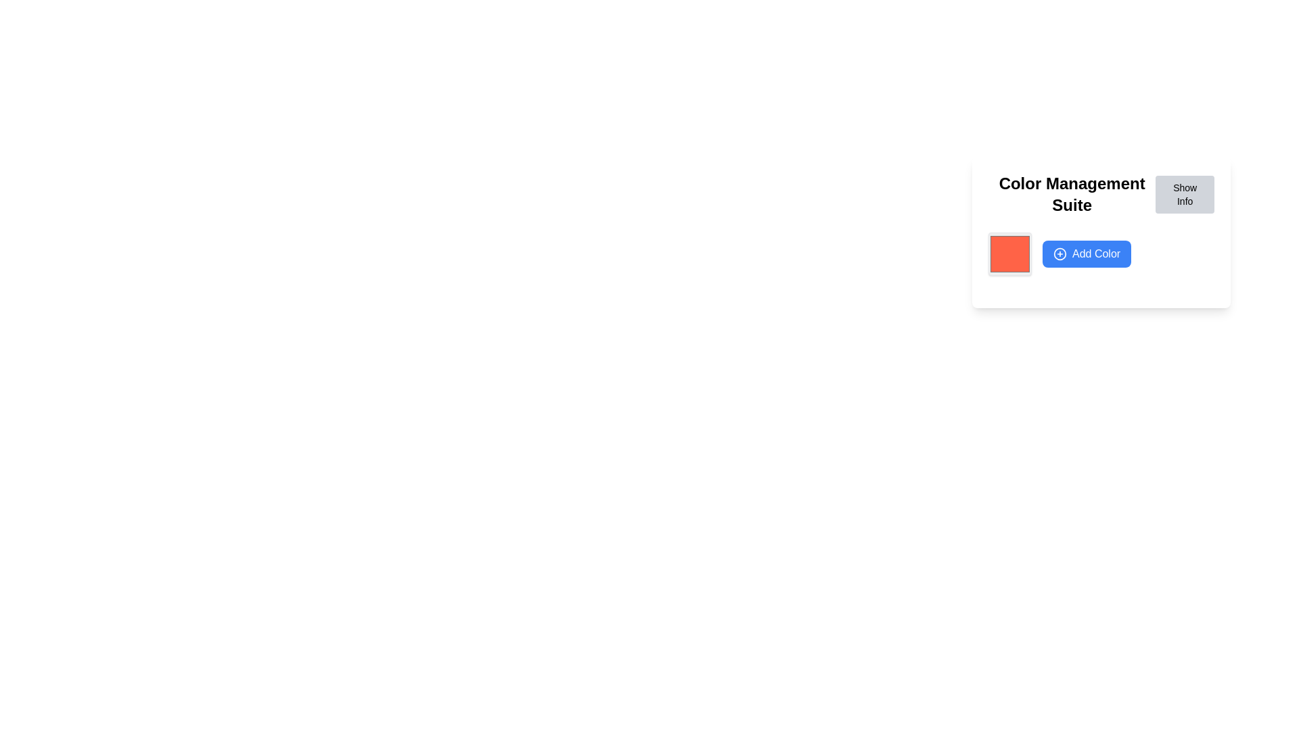 This screenshot has width=1299, height=730. What do you see at coordinates (1101, 253) in the screenshot?
I see `the 'Add Color' button, which has a blue background and white text, located in the 'Color Management Suite' panel` at bounding box center [1101, 253].